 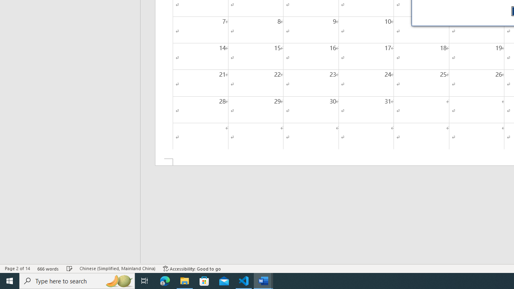 I want to click on 'Accessibility Checker Accessibility: Good to go', so click(x=192, y=269).